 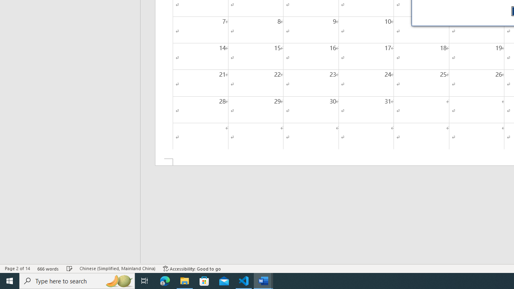 I want to click on 'Accessibility Checker Accessibility: Good to go', so click(x=192, y=269).